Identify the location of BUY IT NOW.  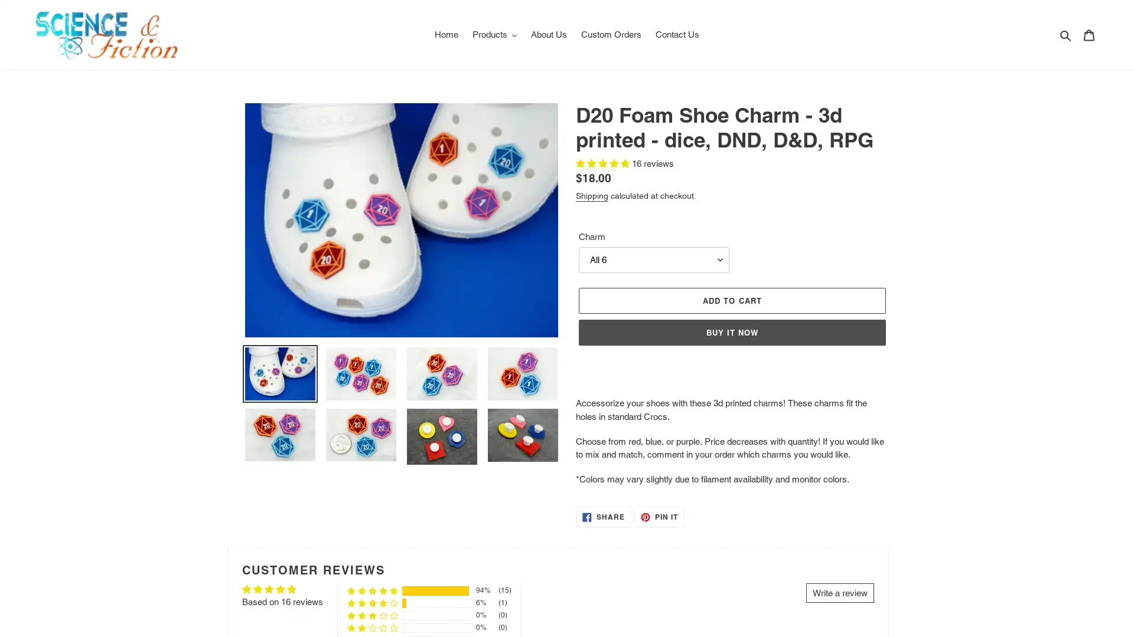
(731, 332).